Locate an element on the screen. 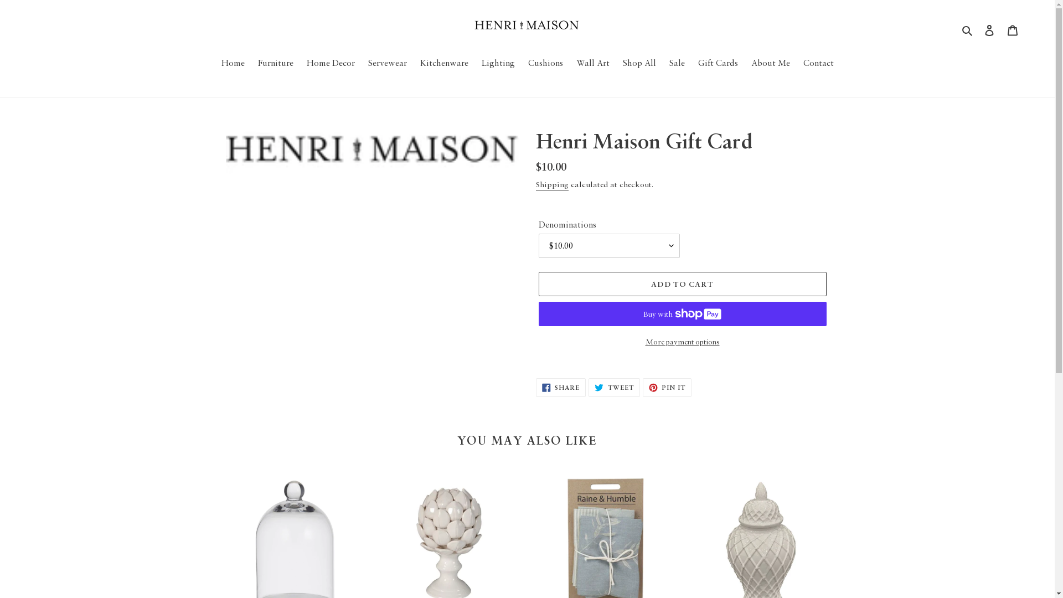 Image resolution: width=1063 pixels, height=598 pixels. 'PIN IT is located at coordinates (666, 386).